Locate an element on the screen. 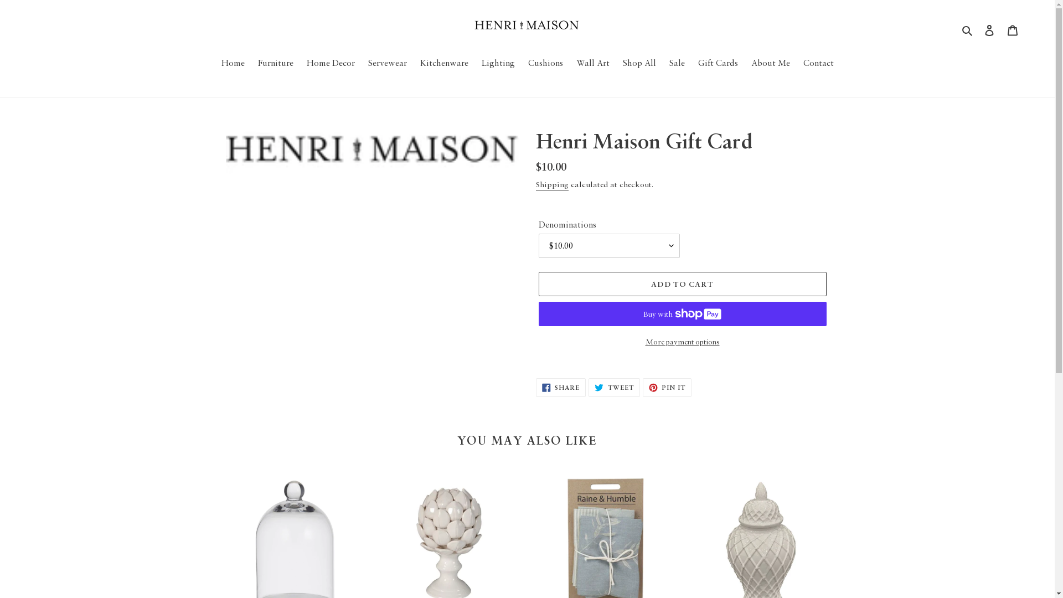 Image resolution: width=1063 pixels, height=598 pixels. 'PIN IT is located at coordinates (666, 386).